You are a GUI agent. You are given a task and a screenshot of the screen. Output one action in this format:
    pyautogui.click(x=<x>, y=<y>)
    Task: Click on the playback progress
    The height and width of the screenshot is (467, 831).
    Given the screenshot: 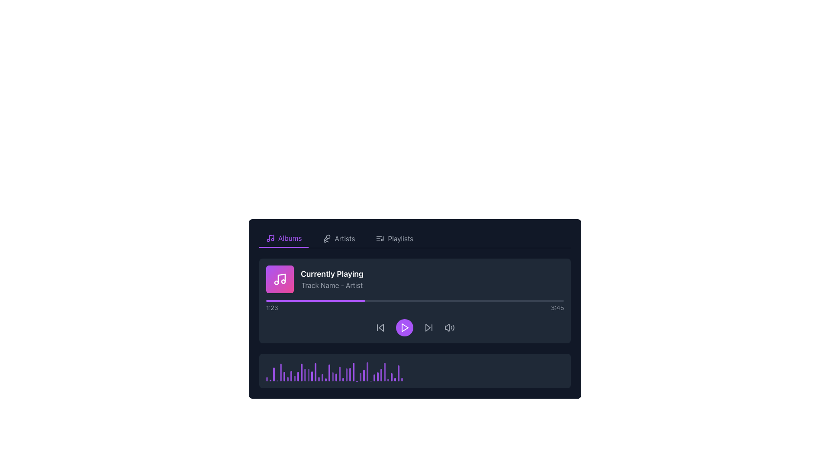 What is the action you would take?
    pyautogui.click(x=302, y=300)
    